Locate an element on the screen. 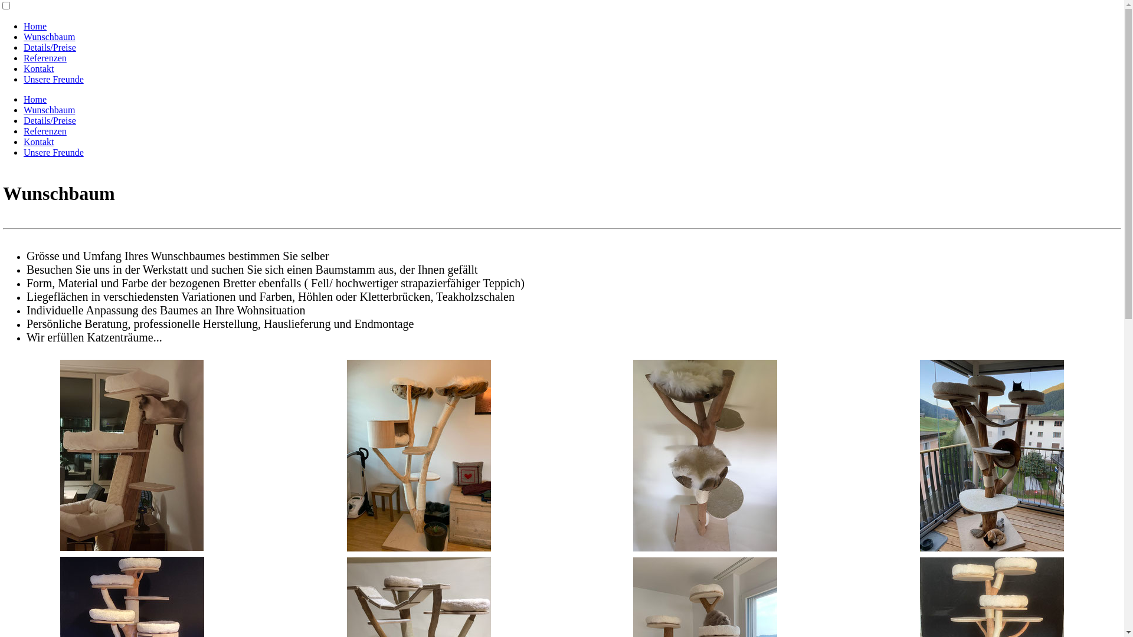 Image resolution: width=1133 pixels, height=637 pixels. 'Home' is located at coordinates (23, 98).